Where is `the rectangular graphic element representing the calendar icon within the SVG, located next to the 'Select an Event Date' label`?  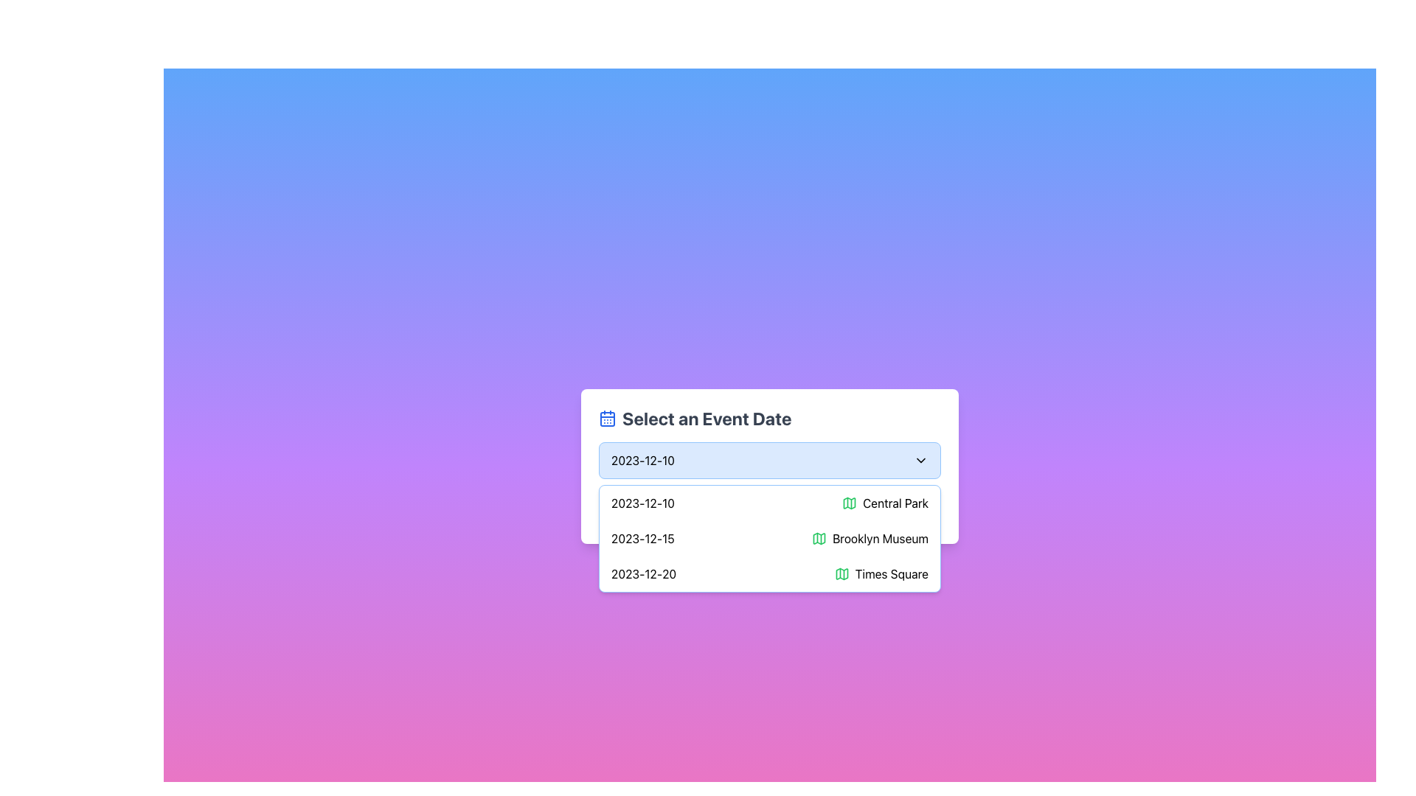
the rectangular graphic element representing the calendar icon within the SVG, located next to the 'Select an Event Date' label is located at coordinates (608, 419).